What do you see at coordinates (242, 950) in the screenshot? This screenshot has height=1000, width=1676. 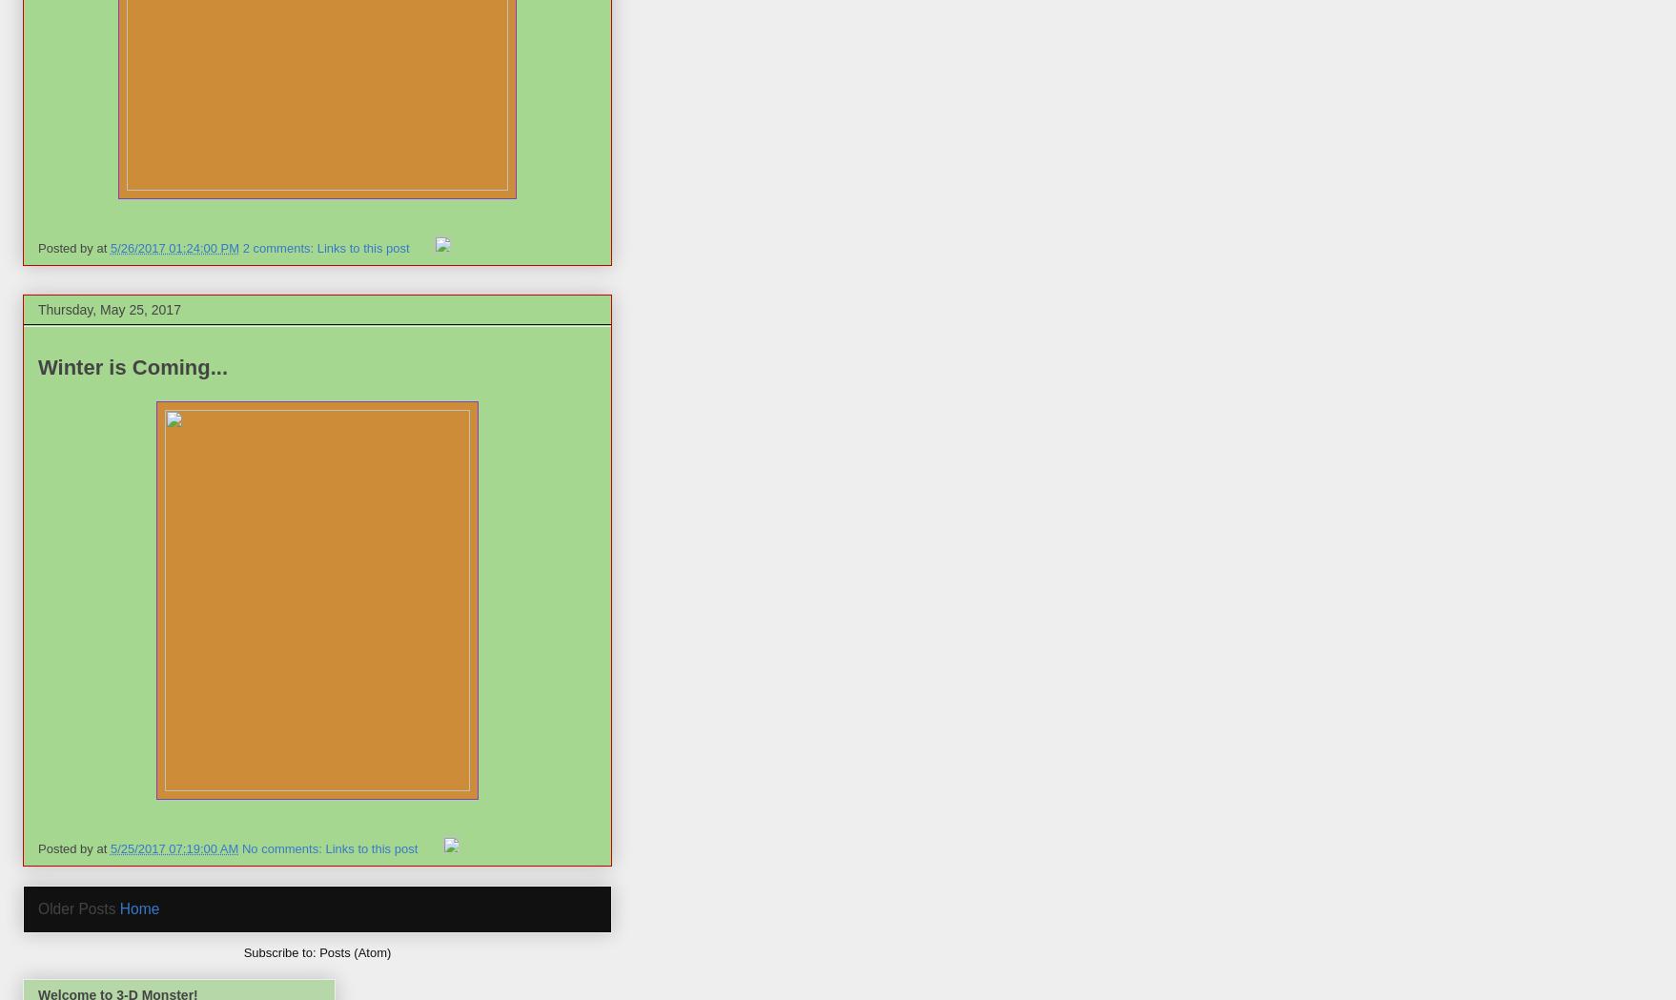 I see `'Subscribe to: Posts (Atom)'` at bounding box center [242, 950].